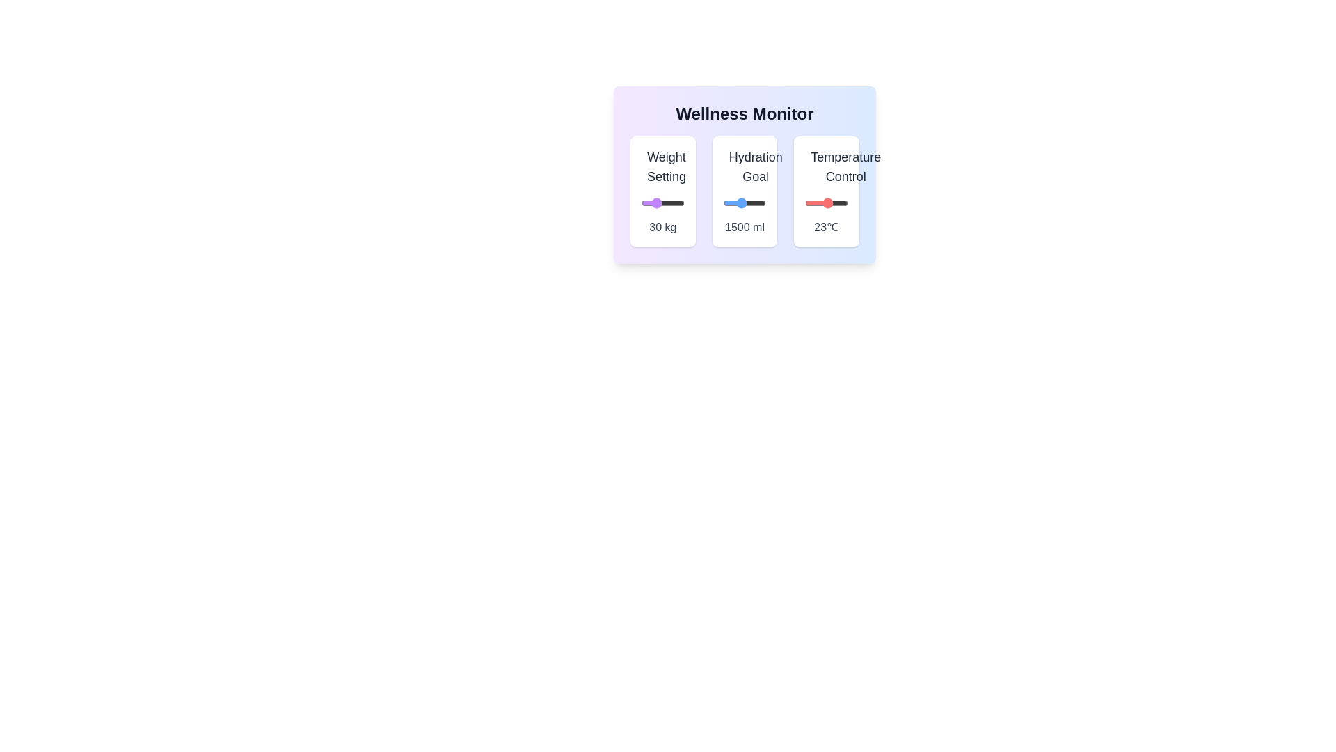 The width and height of the screenshot is (1336, 752). Describe the element at coordinates (744, 227) in the screenshot. I see `the '1500 ml' text label, which is displayed in muted gray color and is centered within the second card labeled 'Hydration Goal' in the 'Wellness Monitor' section` at that location.